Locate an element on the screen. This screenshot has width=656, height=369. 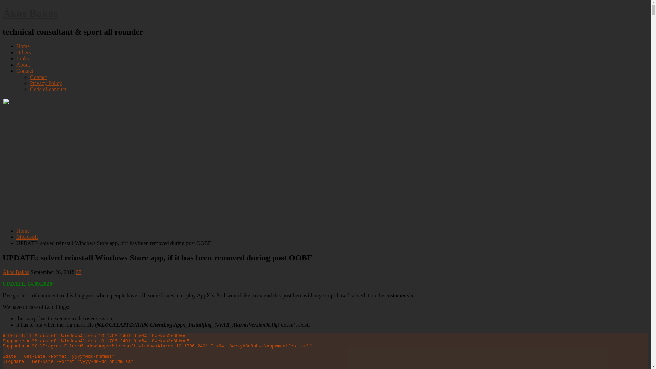
'Home' is located at coordinates (16, 231).